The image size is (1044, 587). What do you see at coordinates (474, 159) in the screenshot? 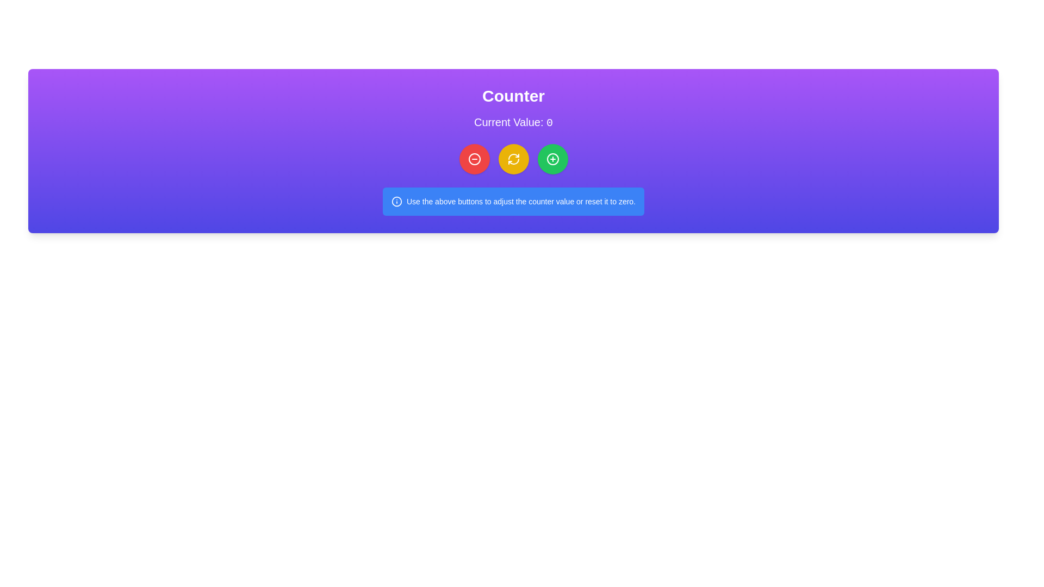
I see `the red decrement icon button located to the left of the counter display to trigger animations` at bounding box center [474, 159].